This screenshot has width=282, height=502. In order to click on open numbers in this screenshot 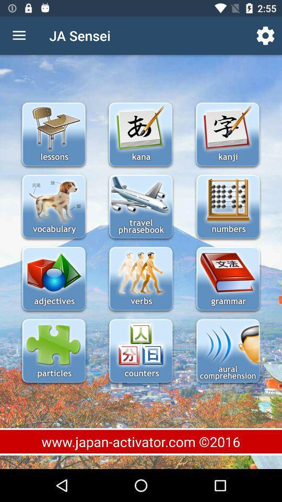, I will do `click(227, 207)`.